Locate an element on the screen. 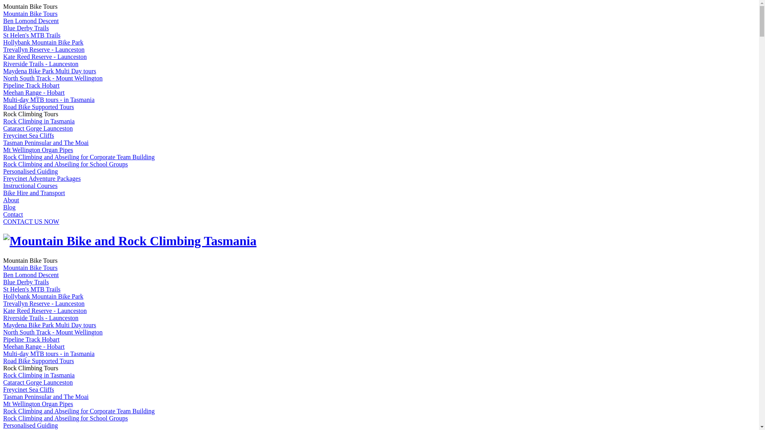 The image size is (765, 430). 'Rock Climbing and Abseiling for Corporate Team Building' is located at coordinates (3, 411).